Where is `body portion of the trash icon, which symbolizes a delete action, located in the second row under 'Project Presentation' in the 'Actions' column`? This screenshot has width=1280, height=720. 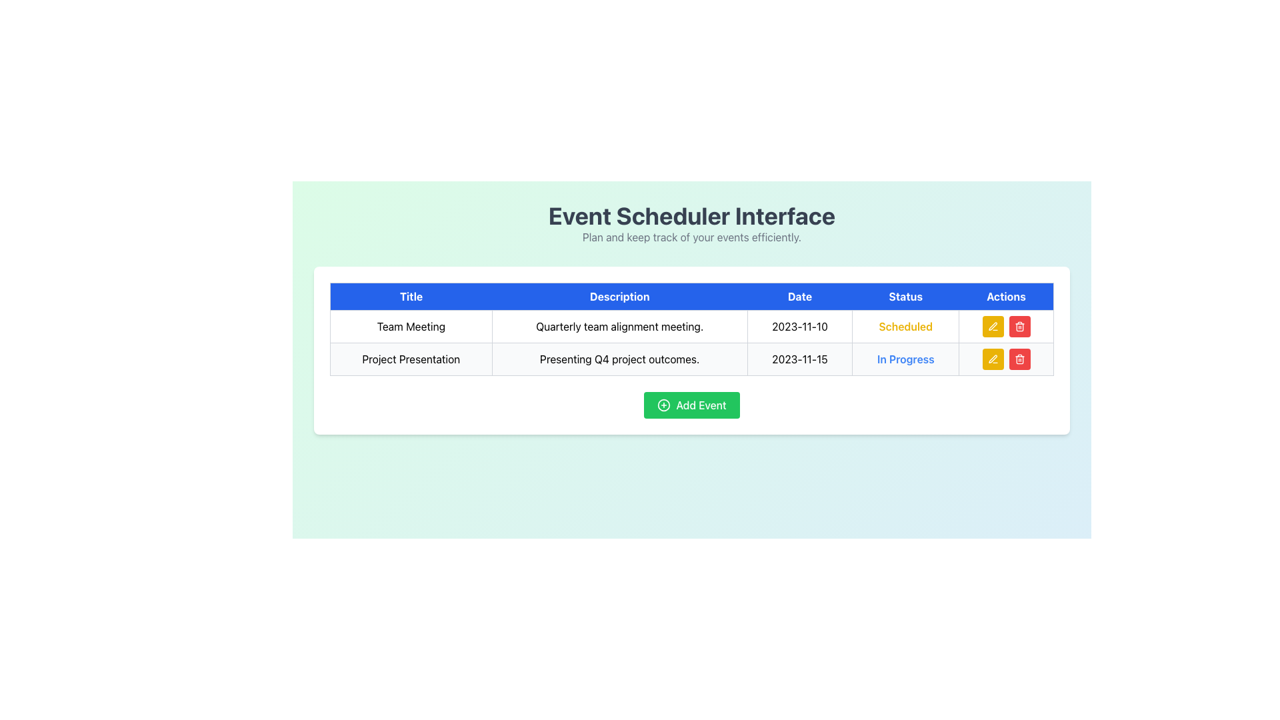
body portion of the trash icon, which symbolizes a delete action, located in the second row under 'Project Presentation' in the 'Actions' column is located at coordinates (1019, 360).